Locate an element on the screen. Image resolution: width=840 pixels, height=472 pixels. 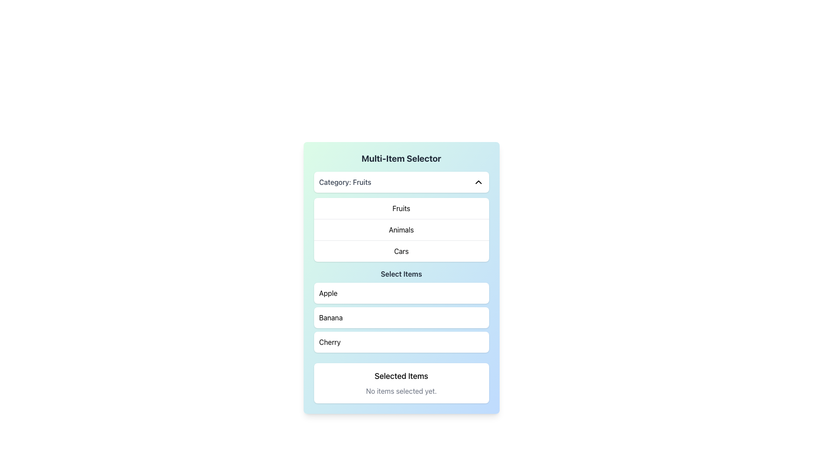
the 'Fruits' category button, which is the topmost item in a vertical list of options with a white background and minimalistic styling is located at coordinates (401, 208).